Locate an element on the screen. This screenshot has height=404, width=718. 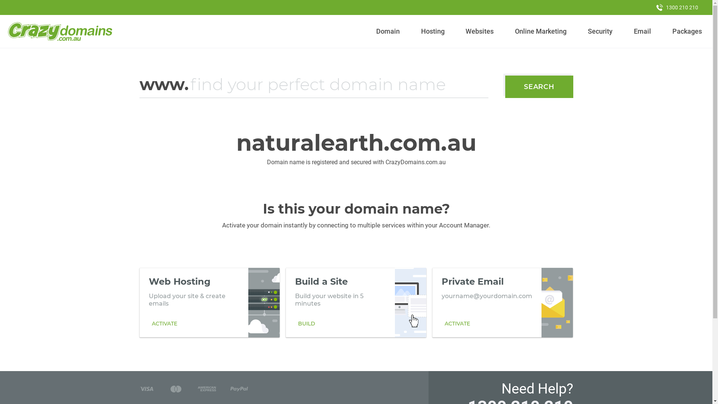
'Packages' is located at coordinates (687, 31).